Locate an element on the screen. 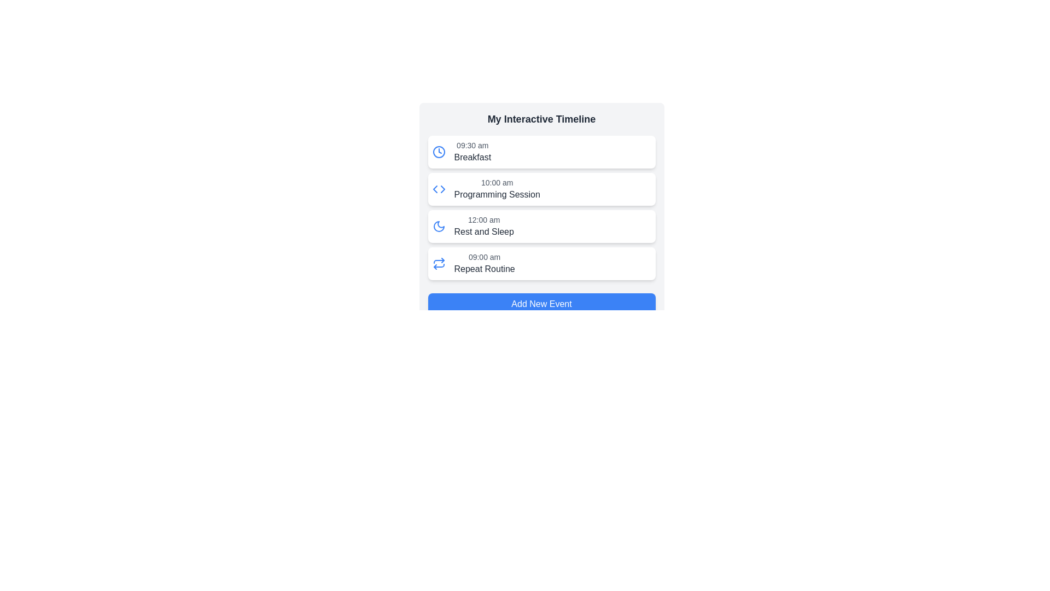 The height and width of the screenshot is (591, 1050). the timeline list item displaying '12:00 am' and 'Rest and Sleep', which is the third entry in the vertical list of tasks, to engage with associated elements in the same row is located at coordinates (483, 225).